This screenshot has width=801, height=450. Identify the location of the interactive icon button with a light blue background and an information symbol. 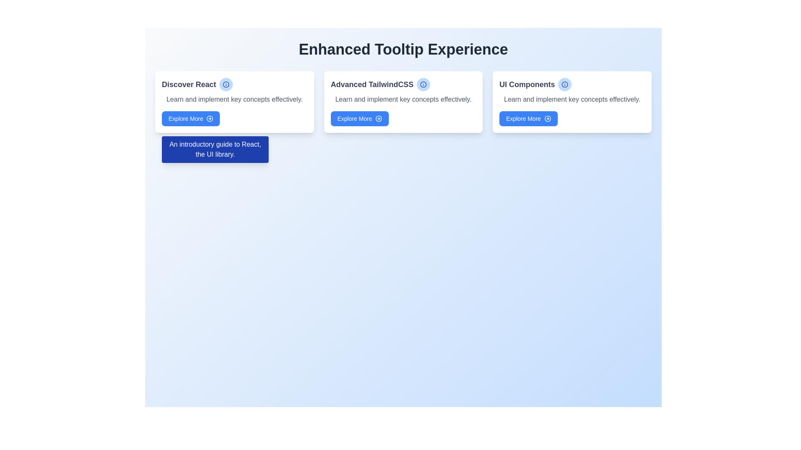
(423, 85).